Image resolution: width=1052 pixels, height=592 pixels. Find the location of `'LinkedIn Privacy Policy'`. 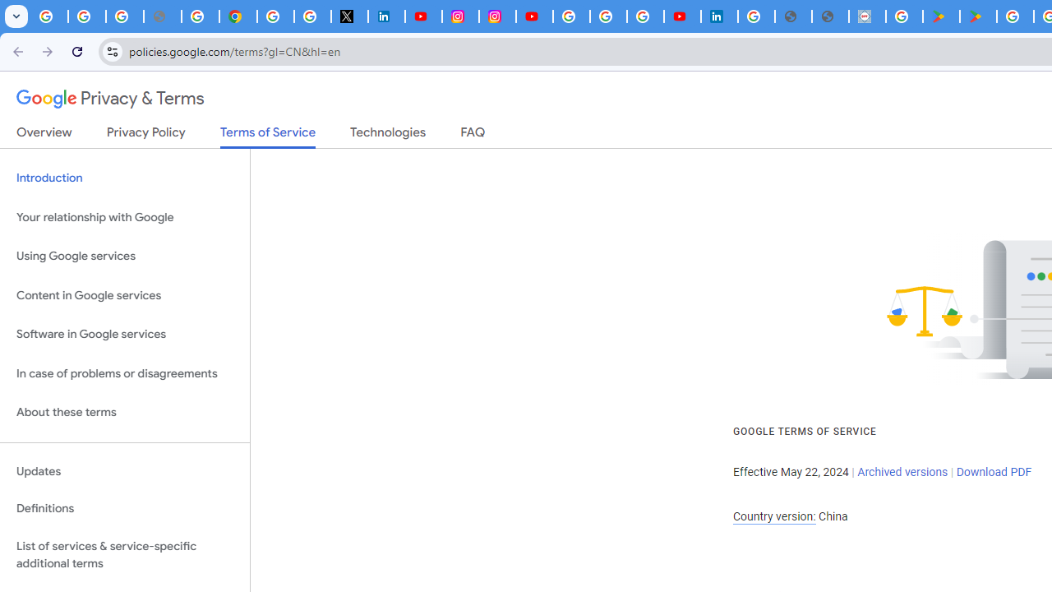

'LinkedIn Privacy Policy' is located at coordinates (385, 16).